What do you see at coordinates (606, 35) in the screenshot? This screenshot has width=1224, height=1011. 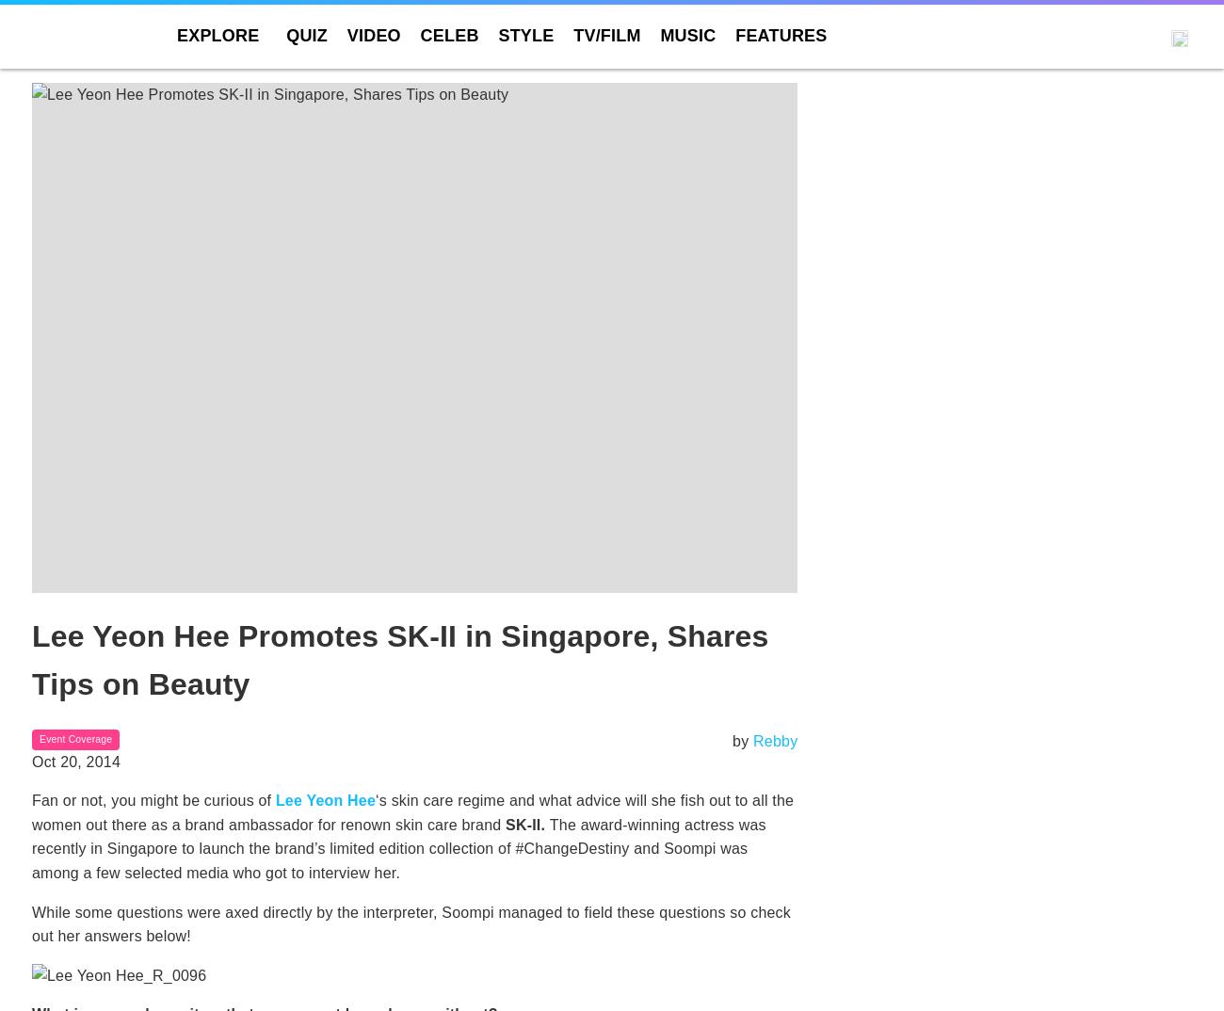 I see `'TV/Film'` at bounding box center [606, 35].